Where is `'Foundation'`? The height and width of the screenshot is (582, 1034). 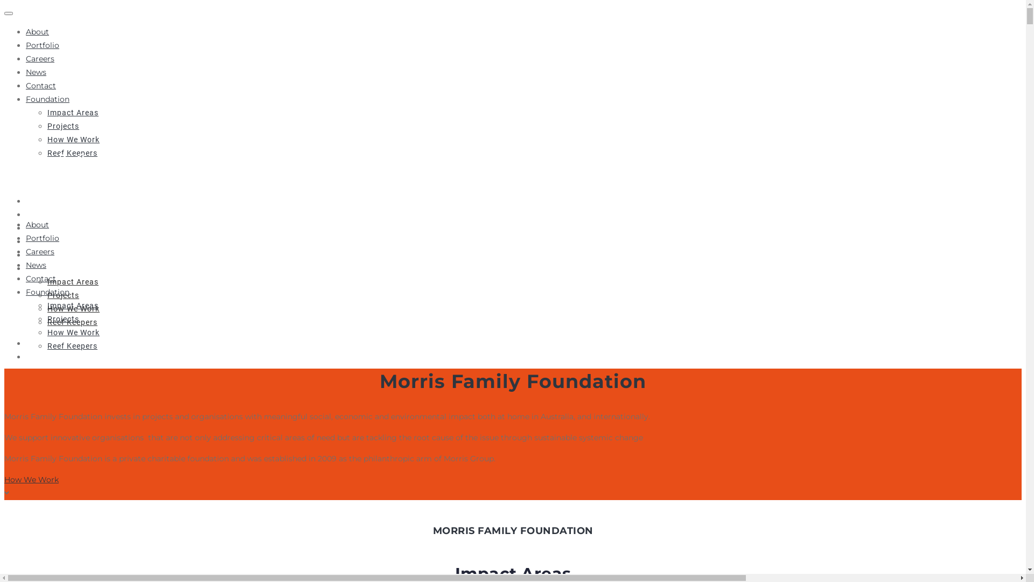 'Foundation' is located at coordinates (47, 99).